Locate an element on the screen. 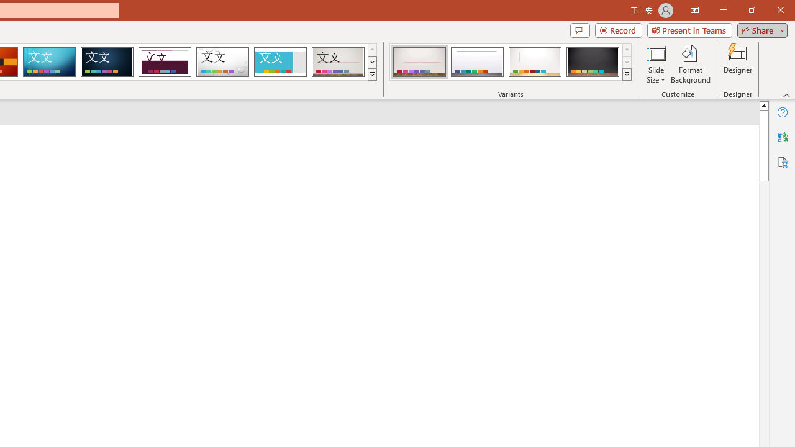 This screenshot has height=447, width=795. 'Gallery Variant 1' is located at coordinates (419, 62).